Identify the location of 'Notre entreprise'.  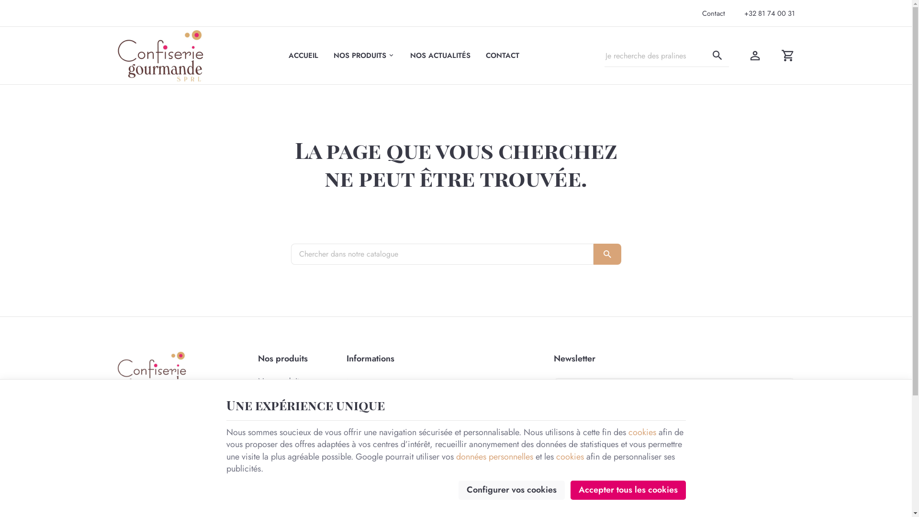
(346, 382).